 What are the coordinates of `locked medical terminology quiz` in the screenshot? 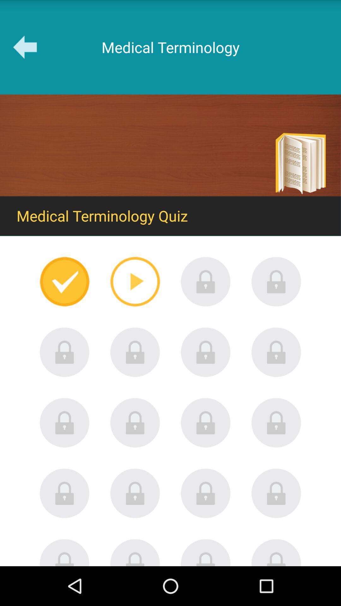 It's located at (135, 493).